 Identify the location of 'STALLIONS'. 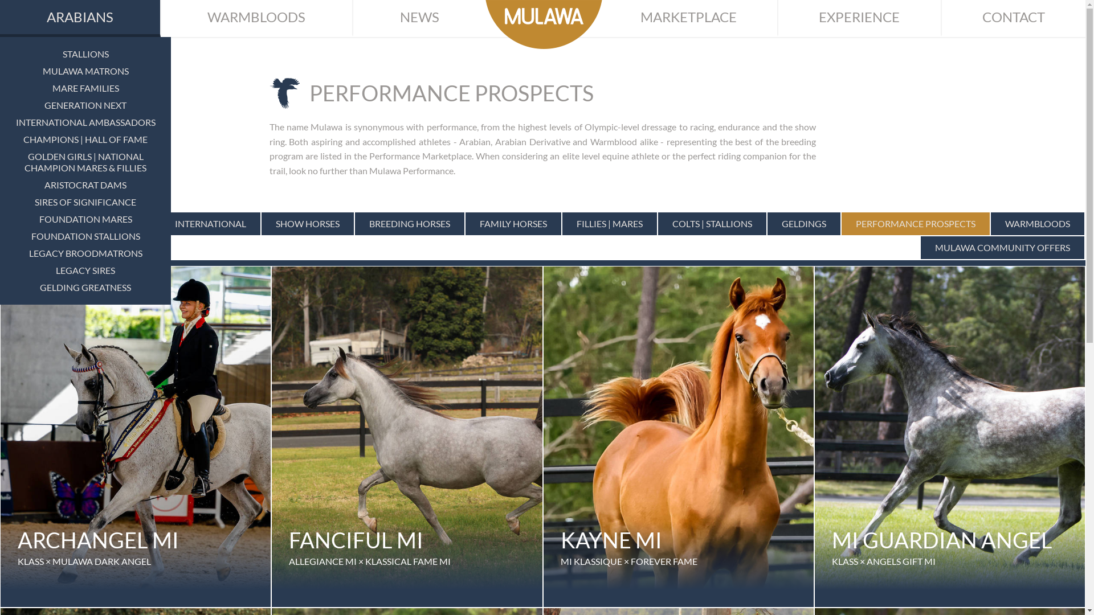
(84, 54).